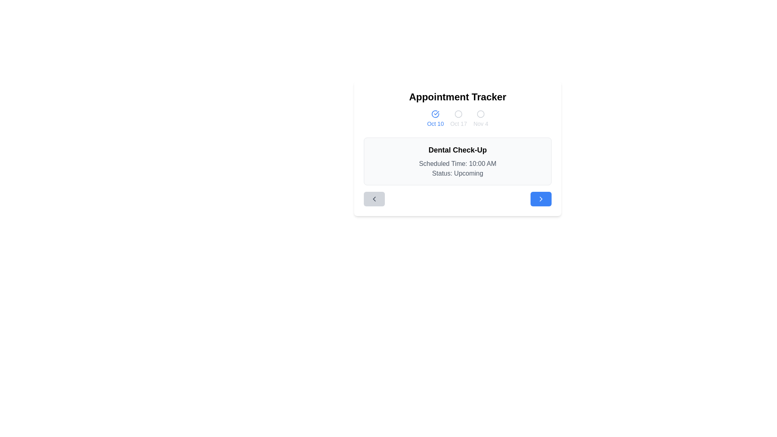 The height and width of the screenshot is (437, 777). What do you see at coordinates (435, 119) in the screenshot?
I see `the first date indicator in the Appointment Tracker section` at bounding box center [435, 119].